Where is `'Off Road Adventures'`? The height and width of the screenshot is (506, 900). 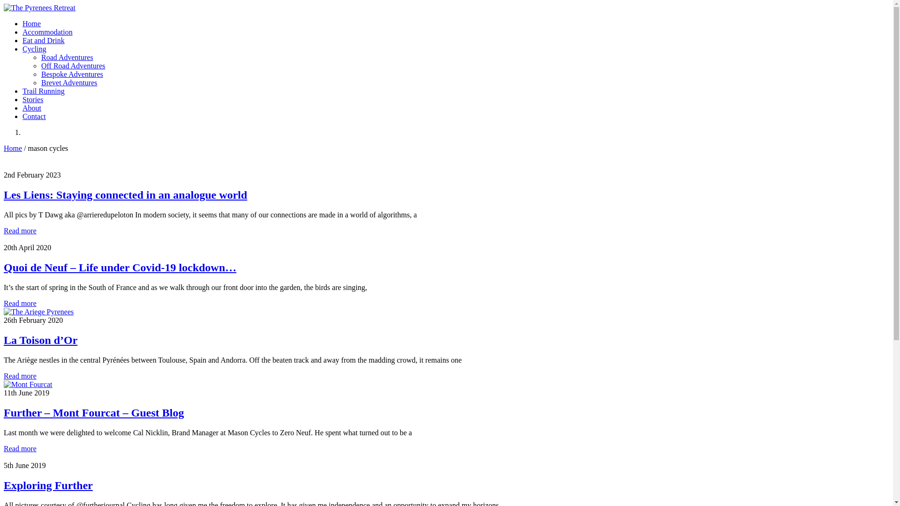
'Off Road Adventures' is located at coordinates (40, 65).